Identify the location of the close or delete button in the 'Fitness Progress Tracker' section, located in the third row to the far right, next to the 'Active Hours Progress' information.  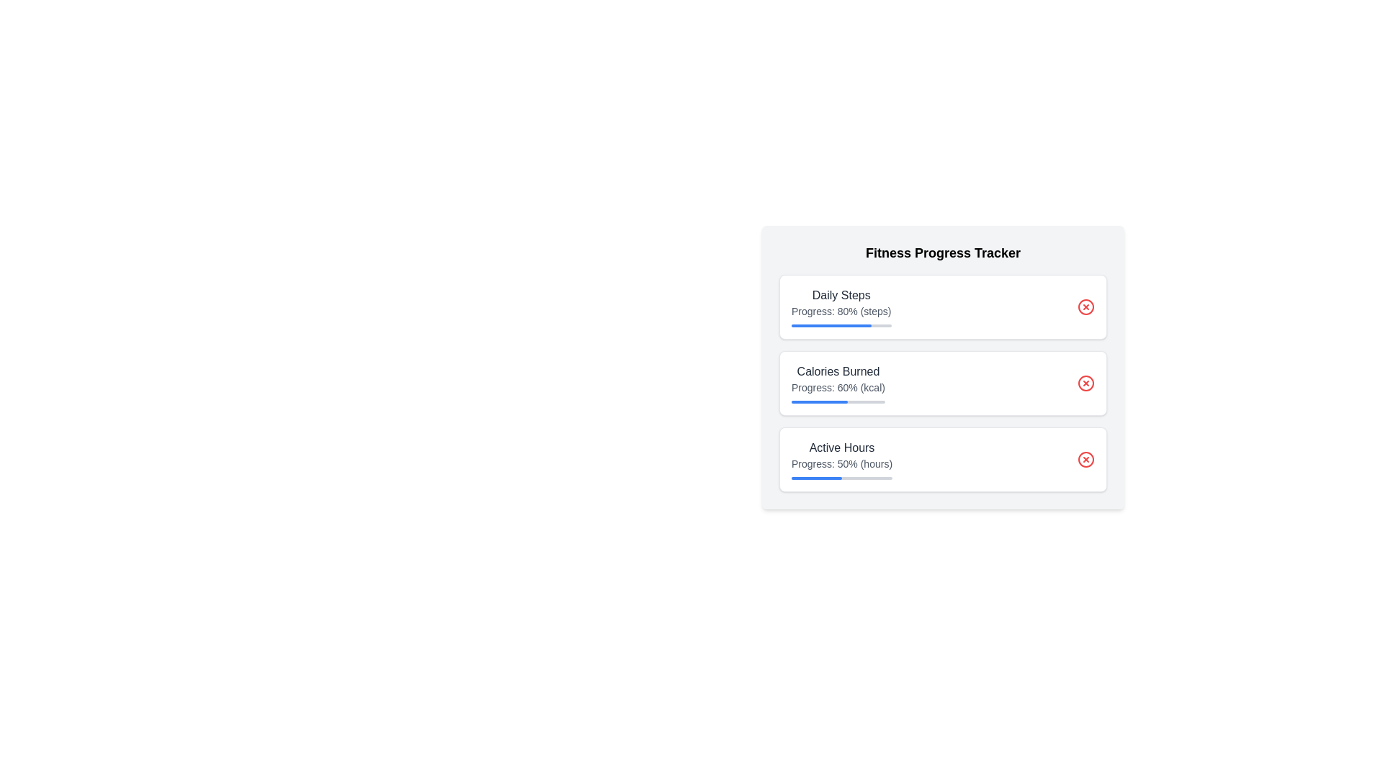
(1086, 460).